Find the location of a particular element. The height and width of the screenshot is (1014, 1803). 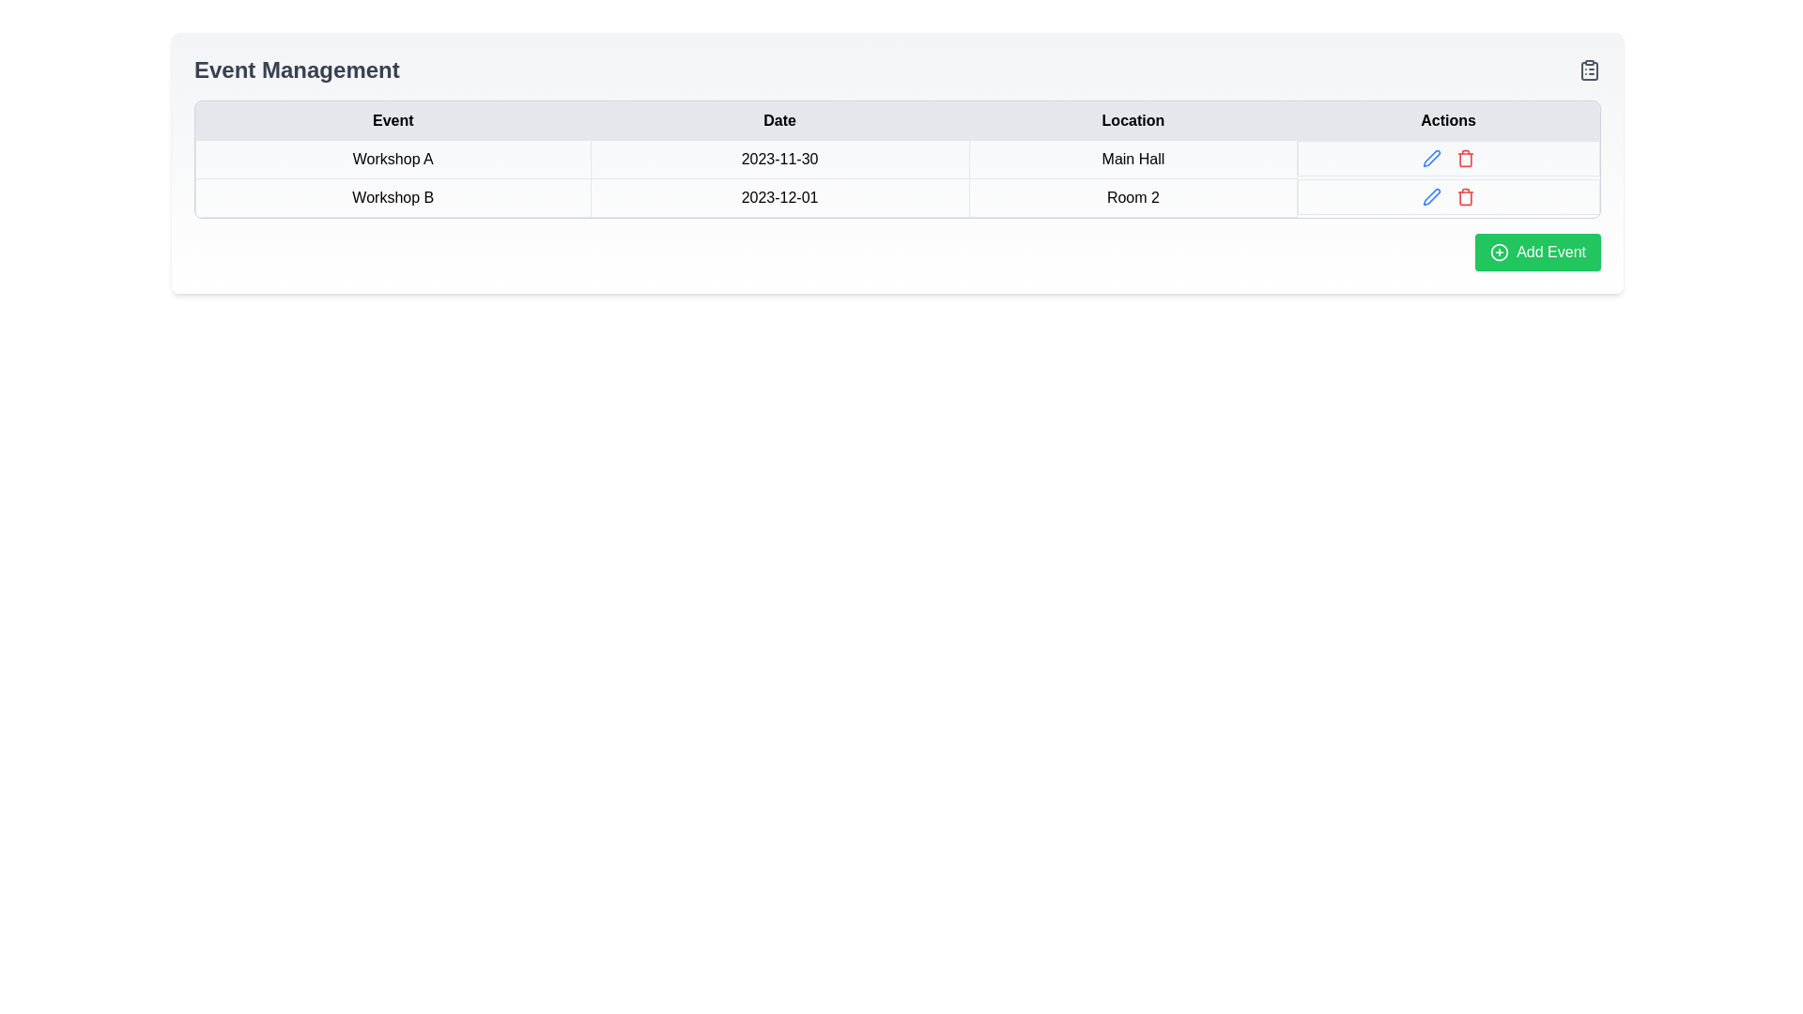

the 'Main Hall' static text located within the 'Location' column of the first row in the table, which is styled in a clear font and aligned with 'Workshop A' and '2023-11-30' is located at coordinates (1132, 158).